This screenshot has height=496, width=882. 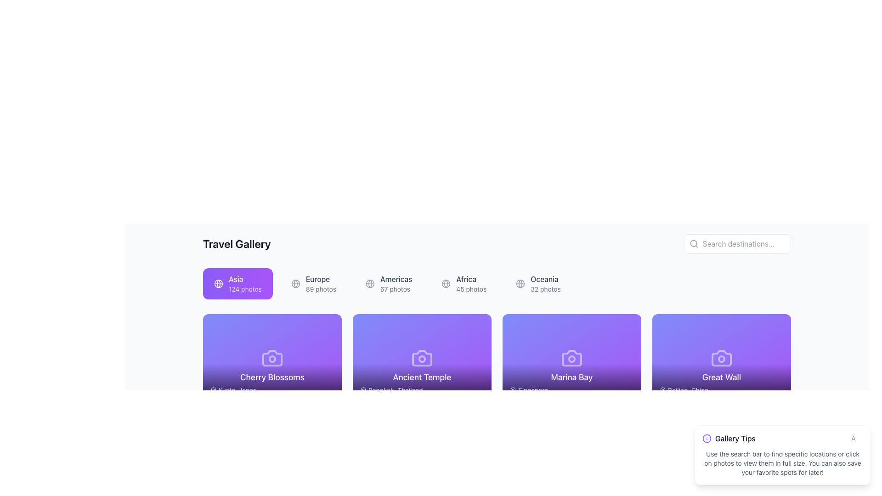 What do you see at coordinates (571, 357) in the screenshot?
I see `the photography icon located at the top of the 'Marina Bay' card, which is the third card in a horizontal arrangement of cards labeled with location titles` at bounding box center [571, 357].